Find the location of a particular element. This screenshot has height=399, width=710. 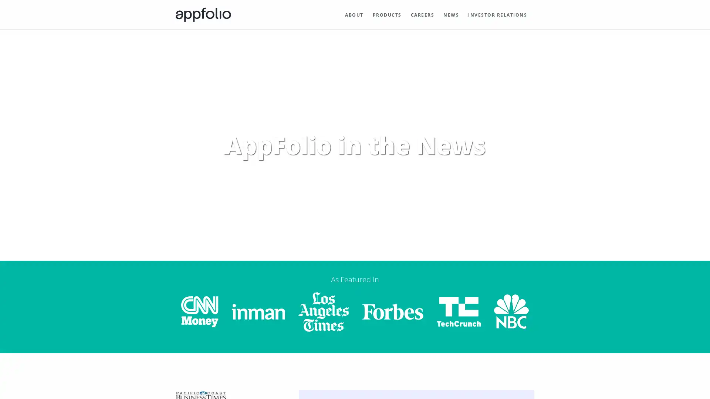

deny cookies is located at coordinates (598, 389).